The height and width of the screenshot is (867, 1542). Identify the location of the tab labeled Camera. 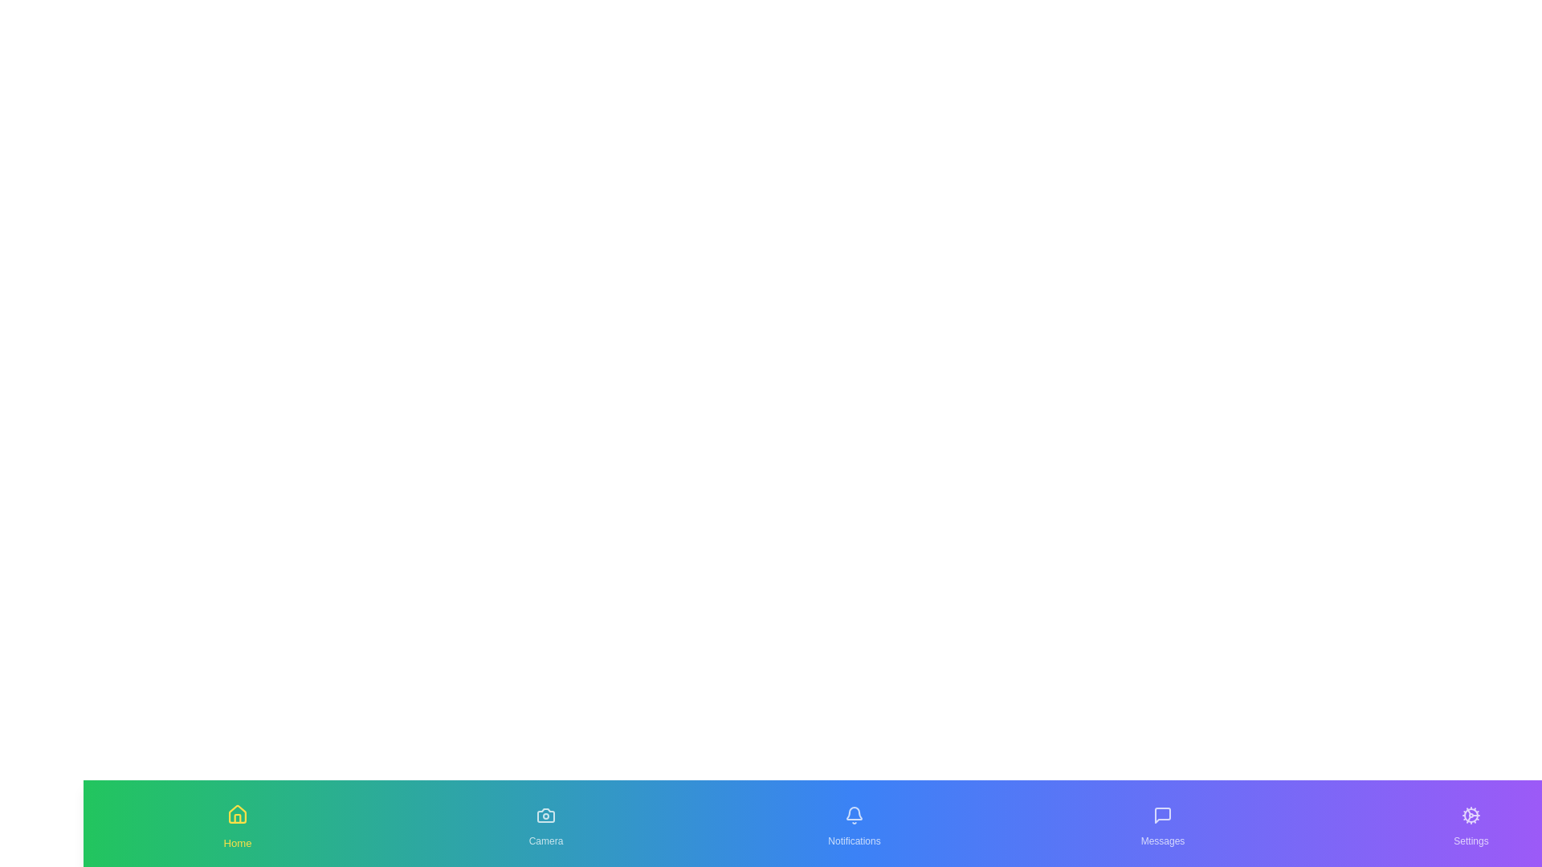
(546, 824).